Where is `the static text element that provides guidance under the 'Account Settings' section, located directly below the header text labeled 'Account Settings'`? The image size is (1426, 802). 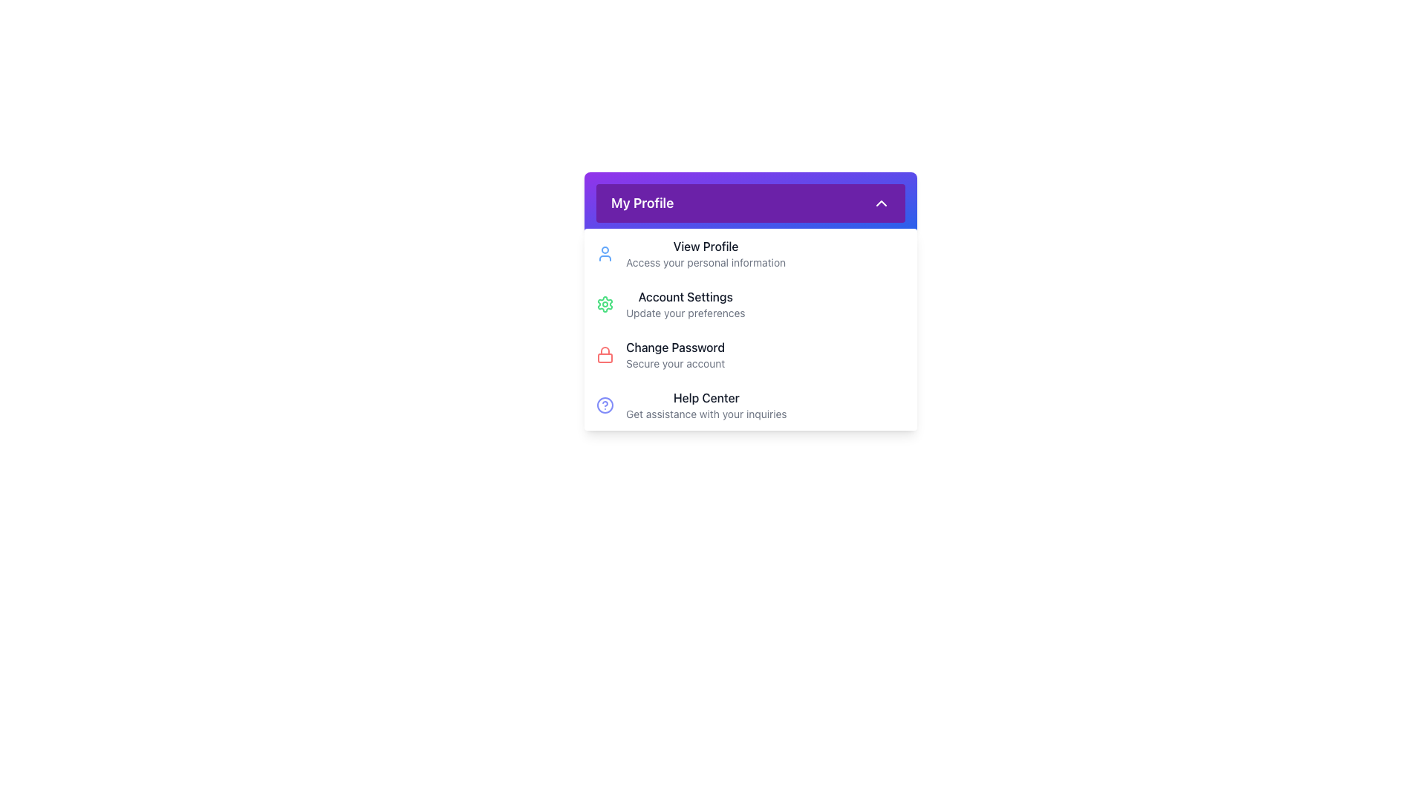
the static text element that provides guidance under the 'Account Settings' section, located directly below the header text labeled 'Account Settings' is located at coordinates (685, 312).